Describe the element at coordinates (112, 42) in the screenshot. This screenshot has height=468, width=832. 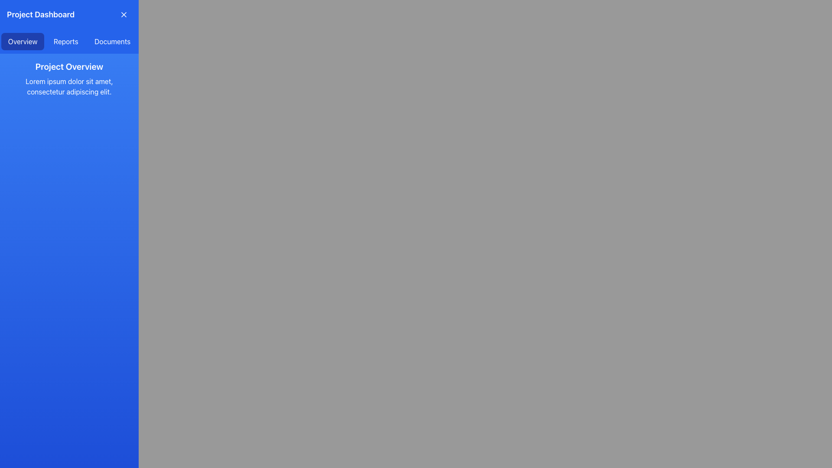
I see `the third button in the blue navigation panel, which links to the 'Documents' section, to change its background color` at that location.